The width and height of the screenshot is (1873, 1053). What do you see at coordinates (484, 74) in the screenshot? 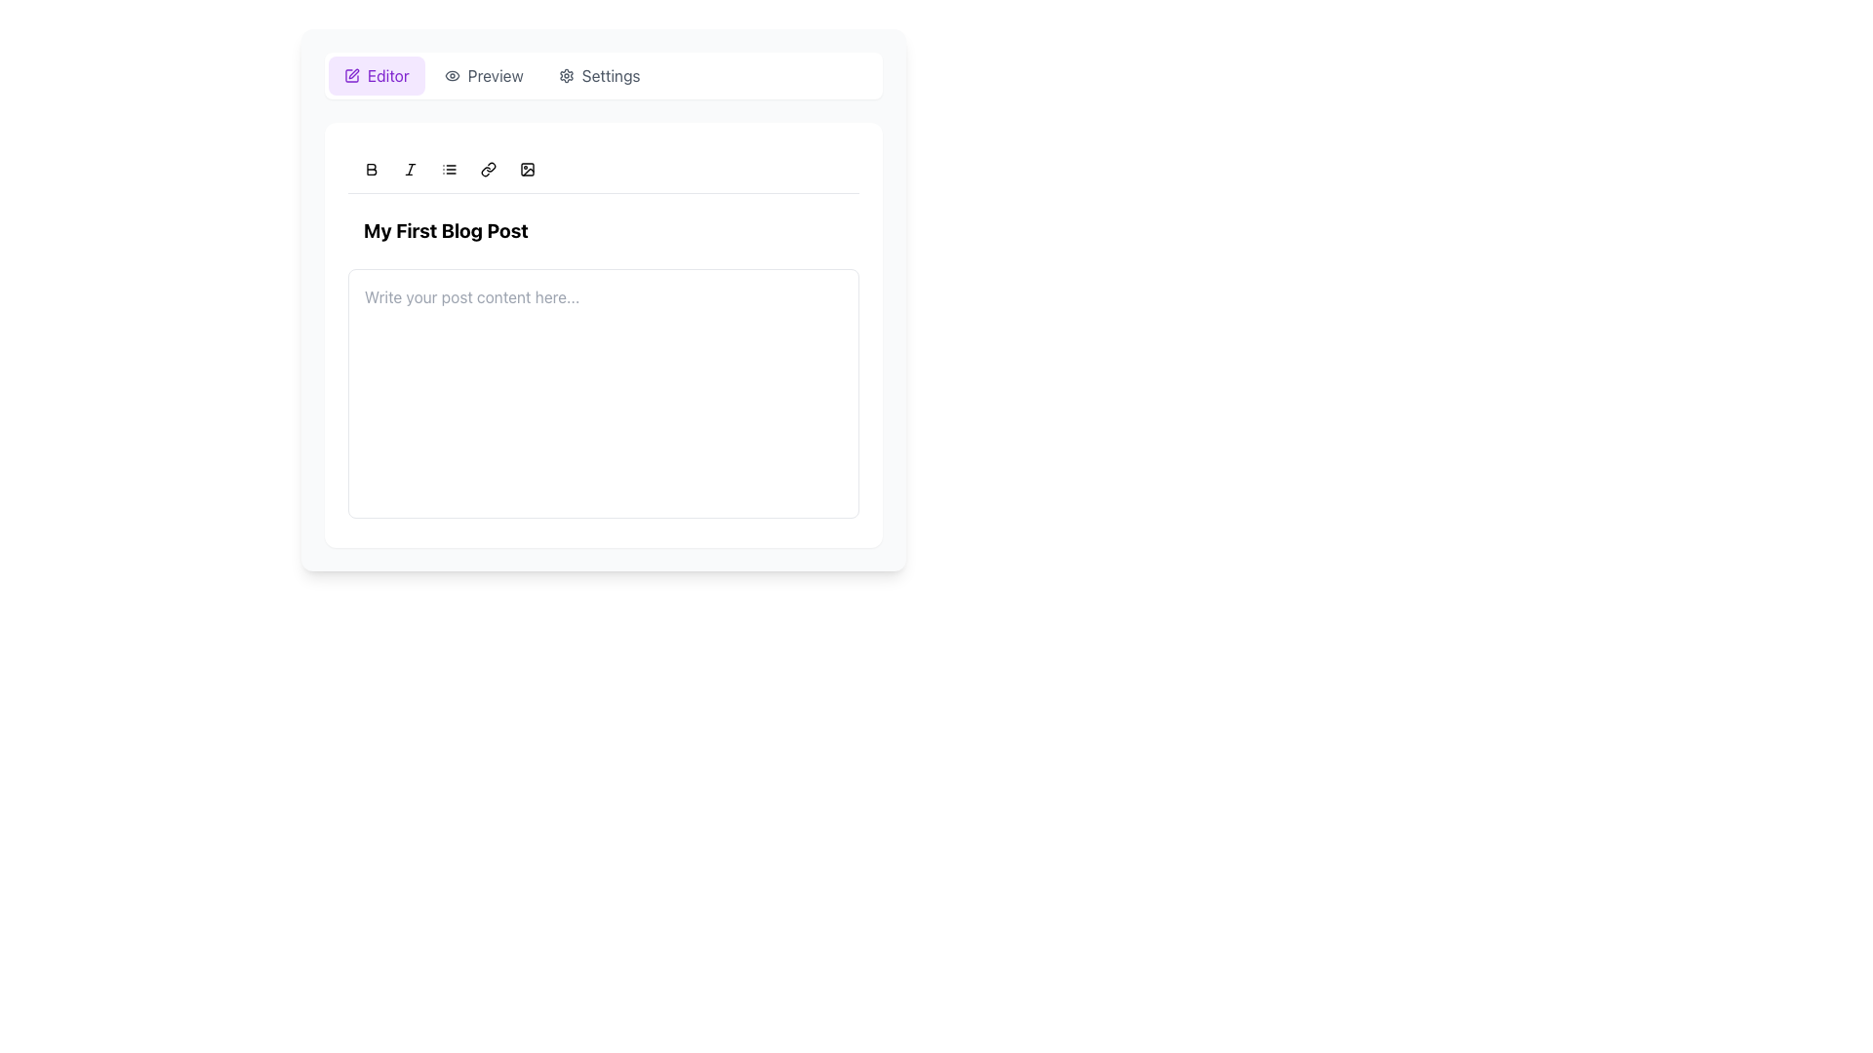
I see `the second button styled with a rounded rectangular shape featuring an eye icon and the text 'Preview'` at bounding box center [484, 74].